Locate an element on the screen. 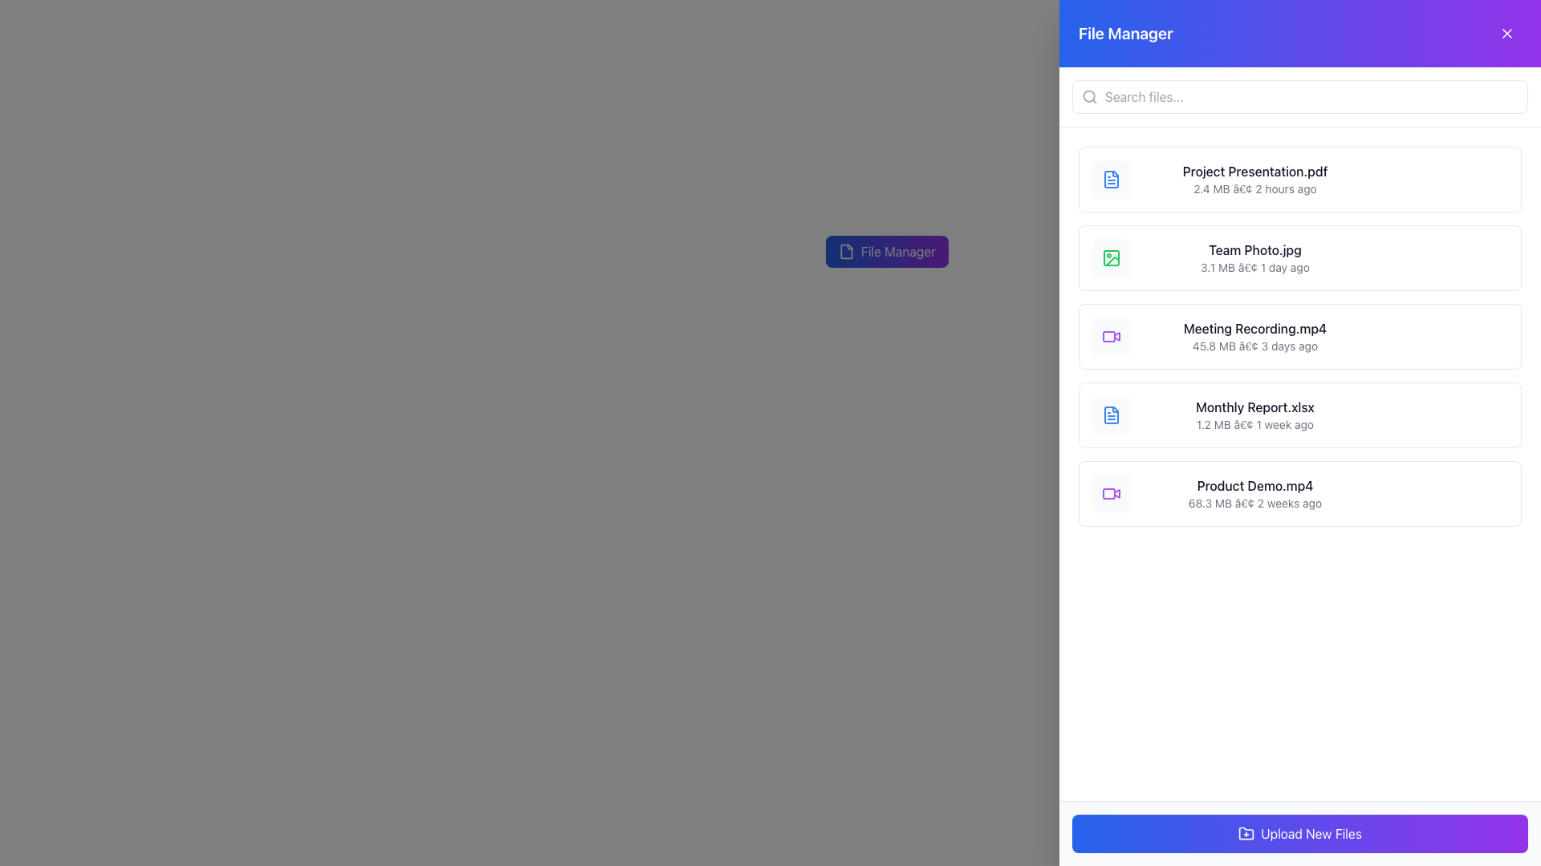 The width and height of the screenshot is (1541, 866). the file entry labeled 'Monthly Report.xlsx' is located at coordinates (1254, 414).